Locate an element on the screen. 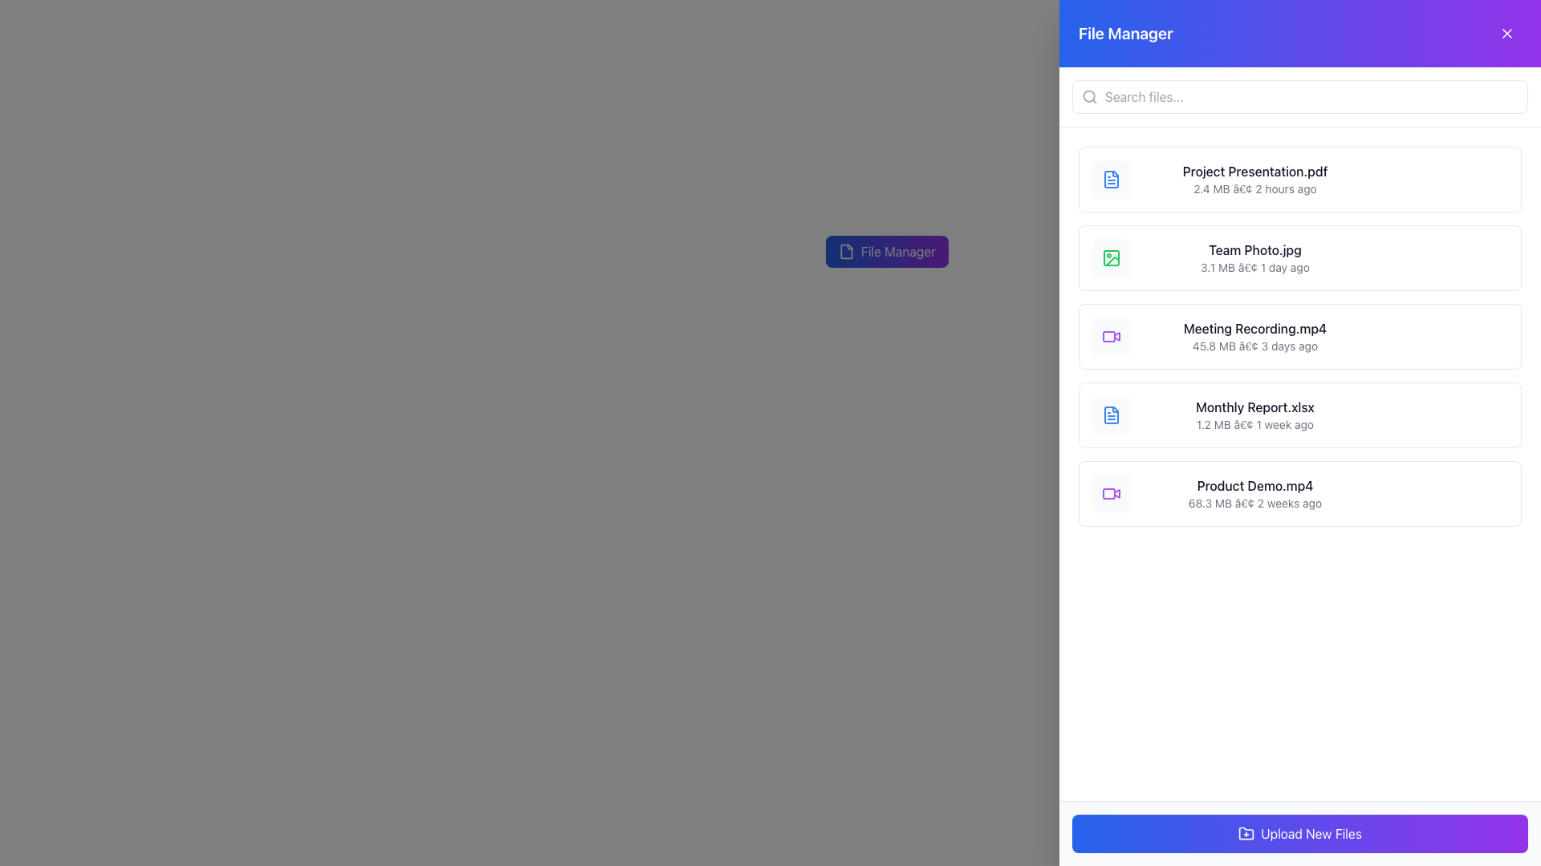 The width and height of the screenshot is (1541, 866). the file entry labeled 'Monthly Report.xlsx' is located at coordinates (1254, 414).